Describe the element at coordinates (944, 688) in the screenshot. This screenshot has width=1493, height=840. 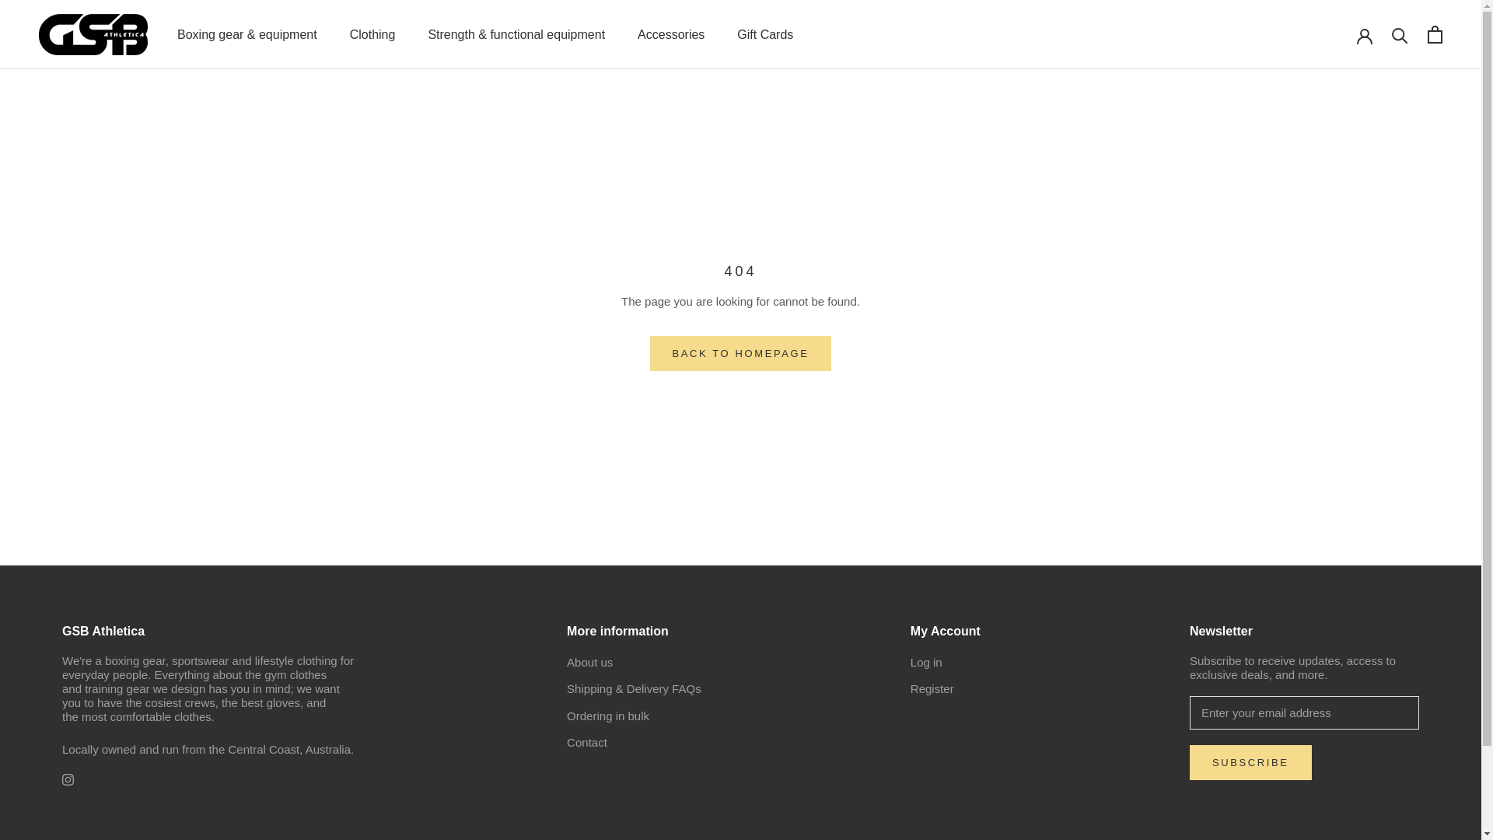
I see `'Register'` at that location.